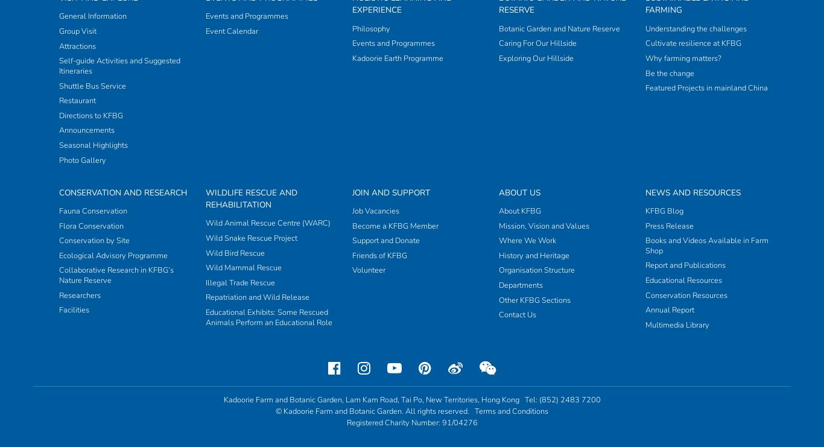 Image resolution: width=824 pixels, height=447 pixels. I want to click on 'Wild Mammal Rescue', so click(204, 31).